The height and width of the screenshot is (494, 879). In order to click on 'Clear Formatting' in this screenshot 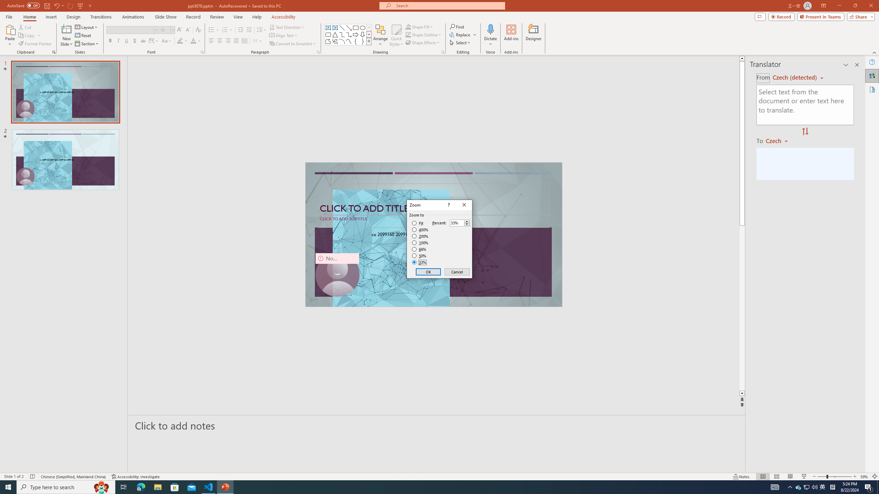, I will do `click(198, 30)`.